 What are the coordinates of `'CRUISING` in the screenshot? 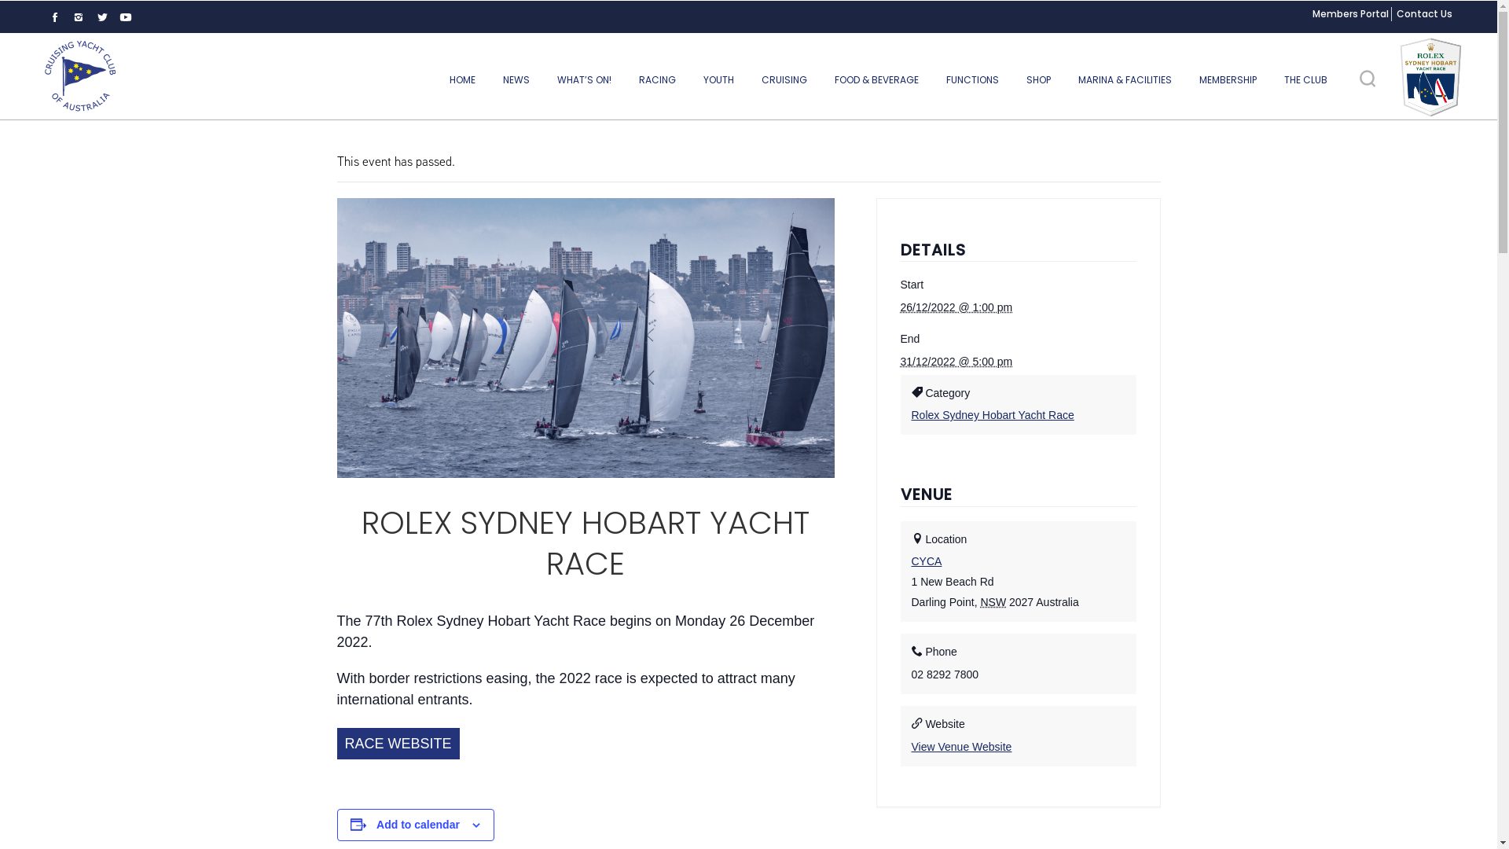 It's located at (79, 75).